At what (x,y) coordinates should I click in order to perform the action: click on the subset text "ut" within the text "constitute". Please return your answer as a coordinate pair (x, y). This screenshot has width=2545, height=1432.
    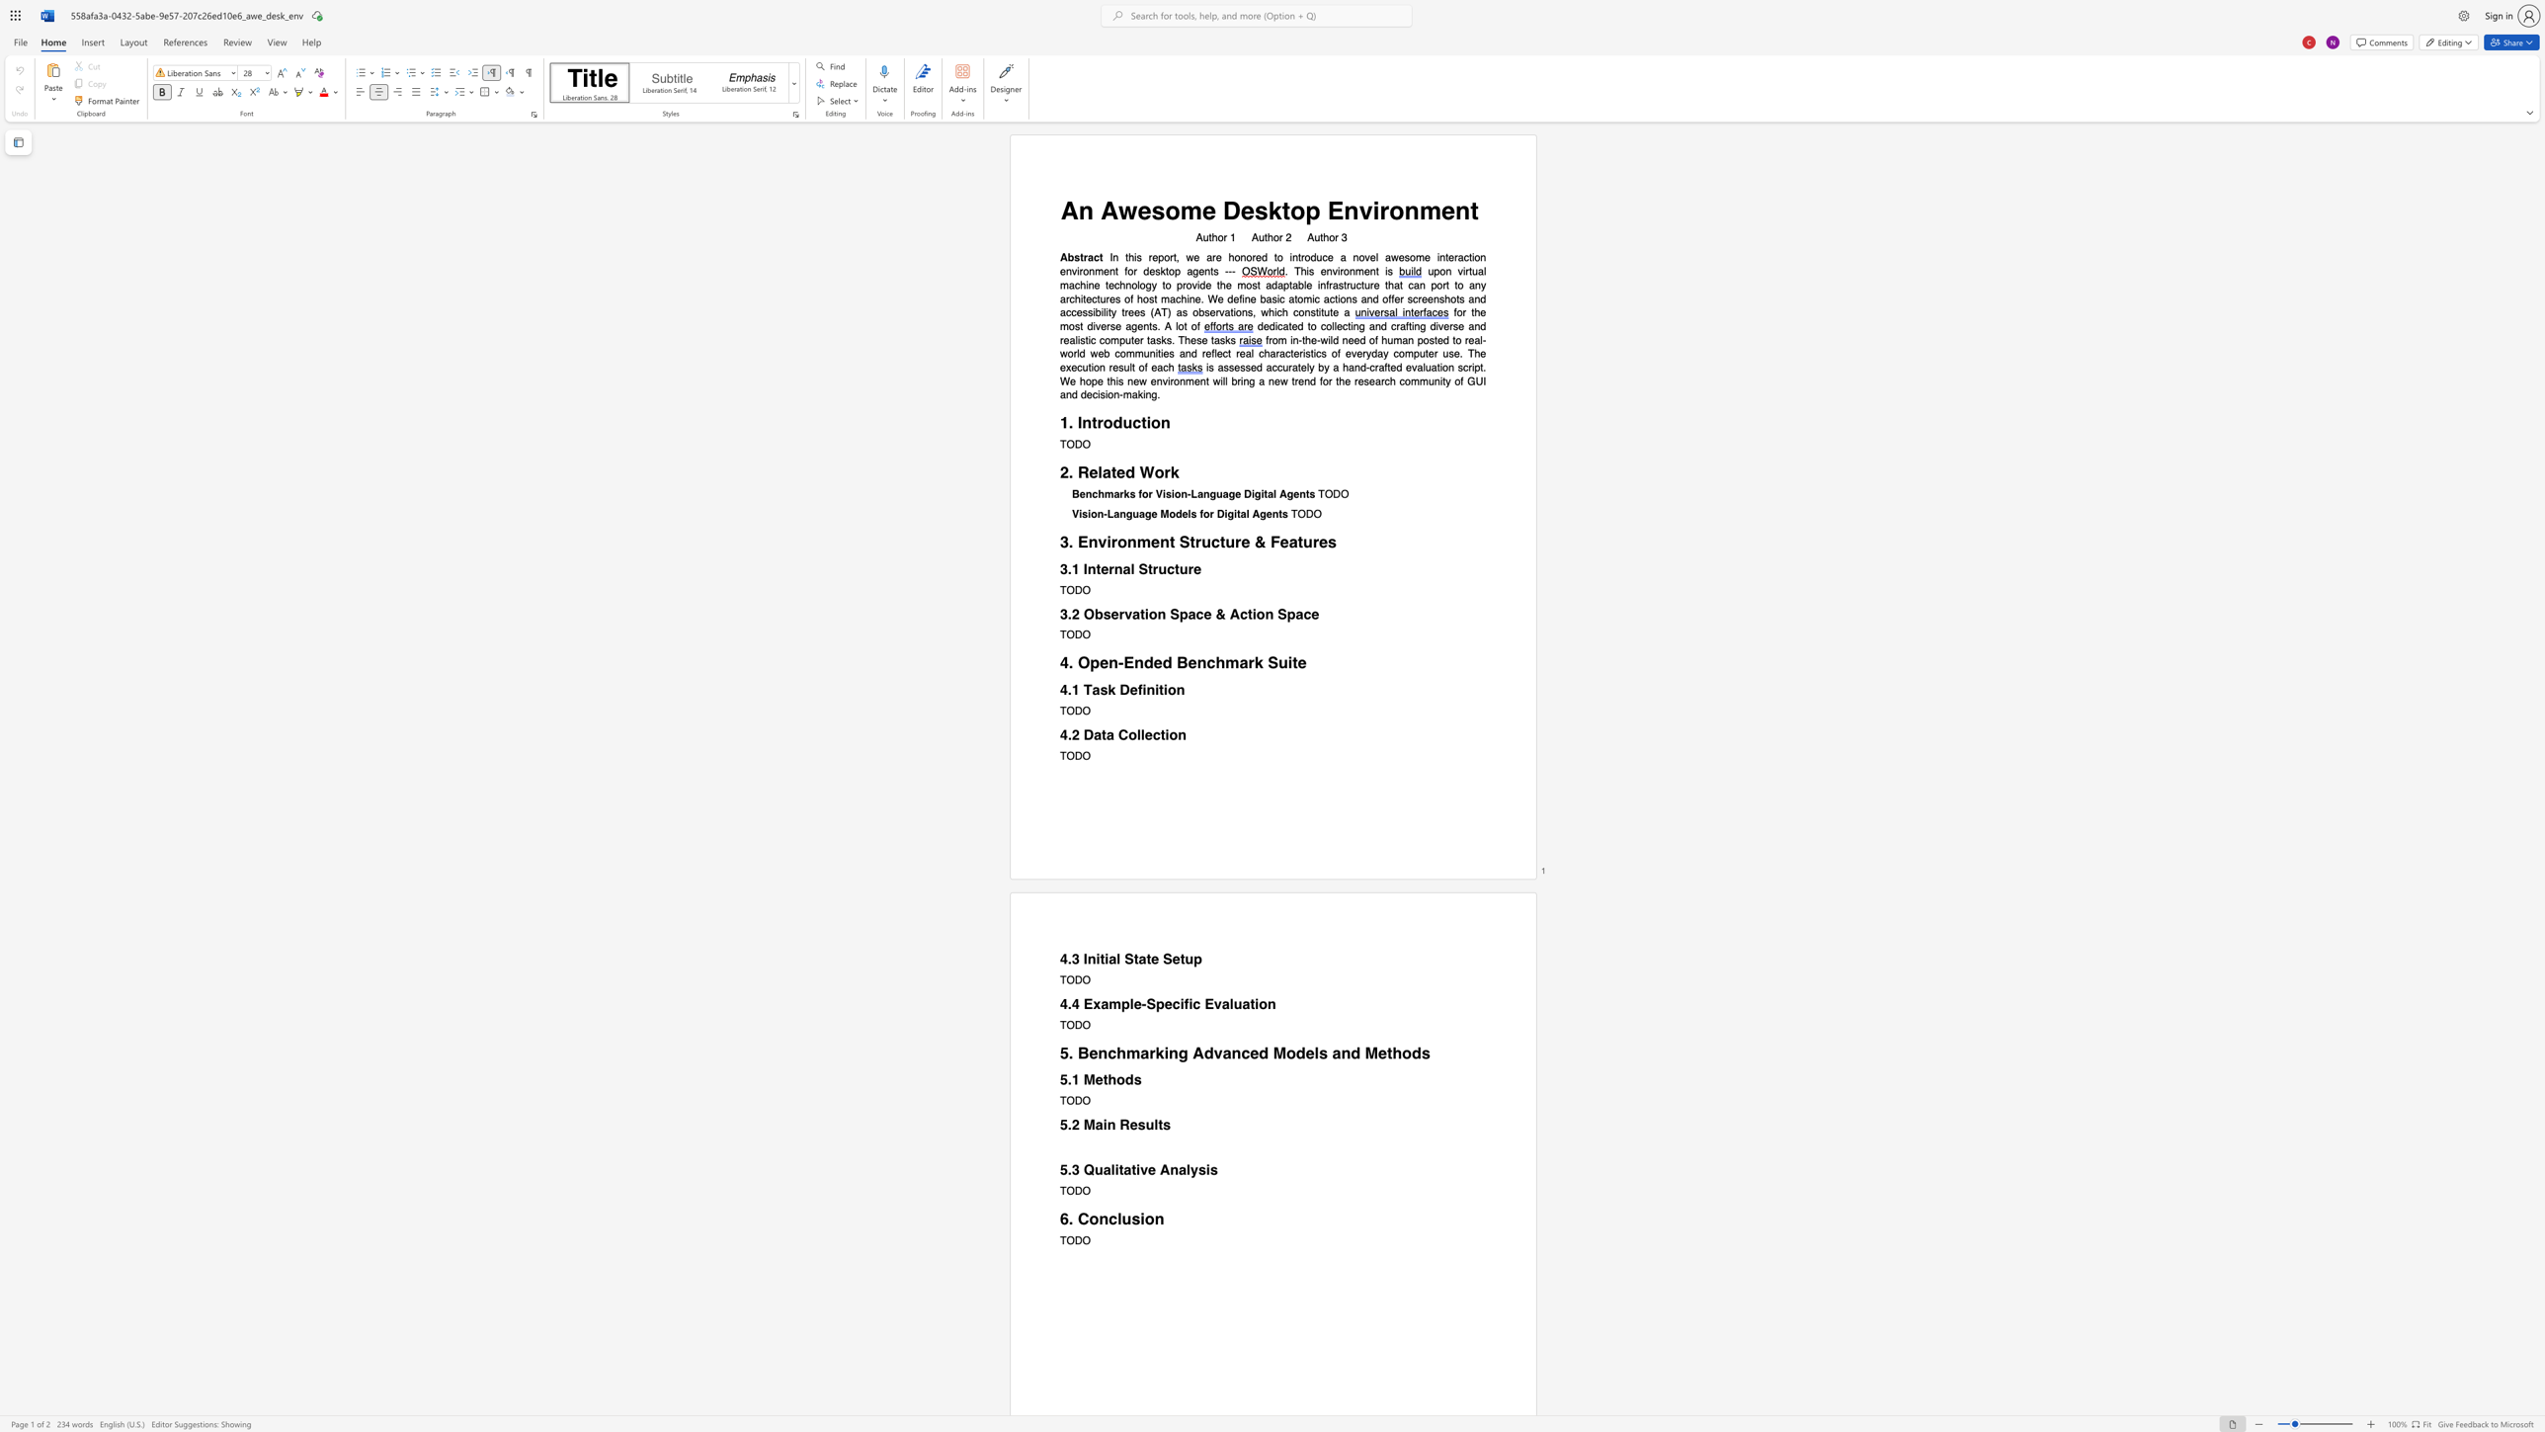
    Looking at the image, I should click on (1323, 312).